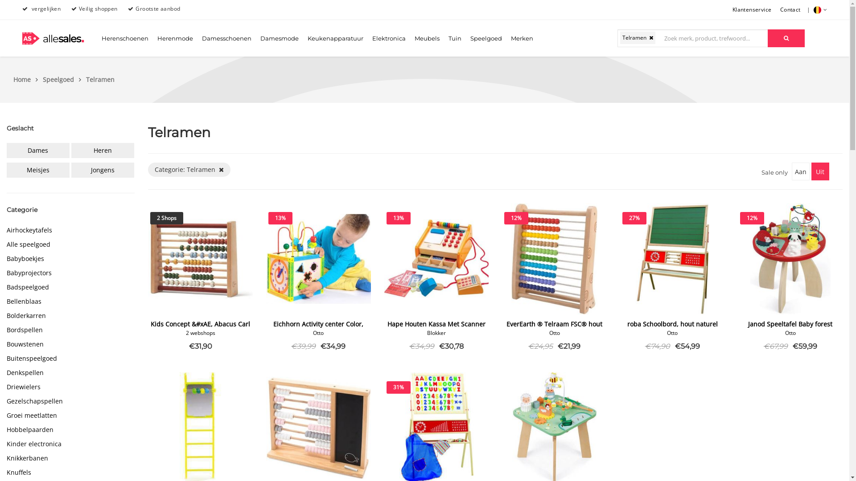 The height and width of the screenshot is (481, 856). What do you see at coordinates (637, 37) in the screenshot?
I see `'Telramen  '` at bounding box center [637, 37].